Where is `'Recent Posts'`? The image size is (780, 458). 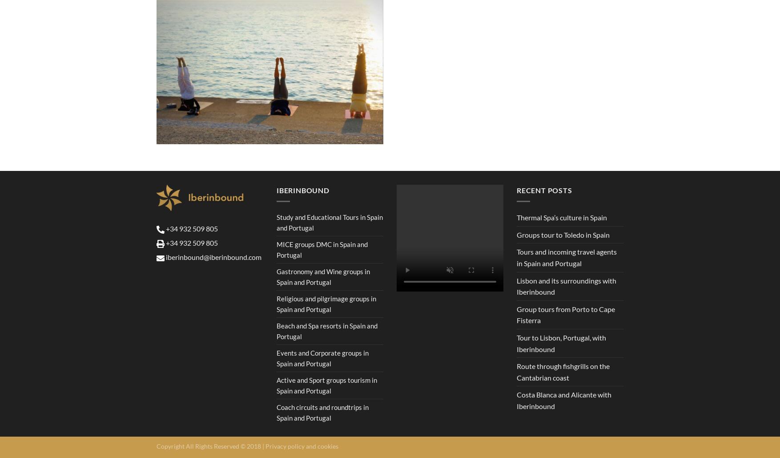
'Recent Posts' is located at coordinates (543, 190).